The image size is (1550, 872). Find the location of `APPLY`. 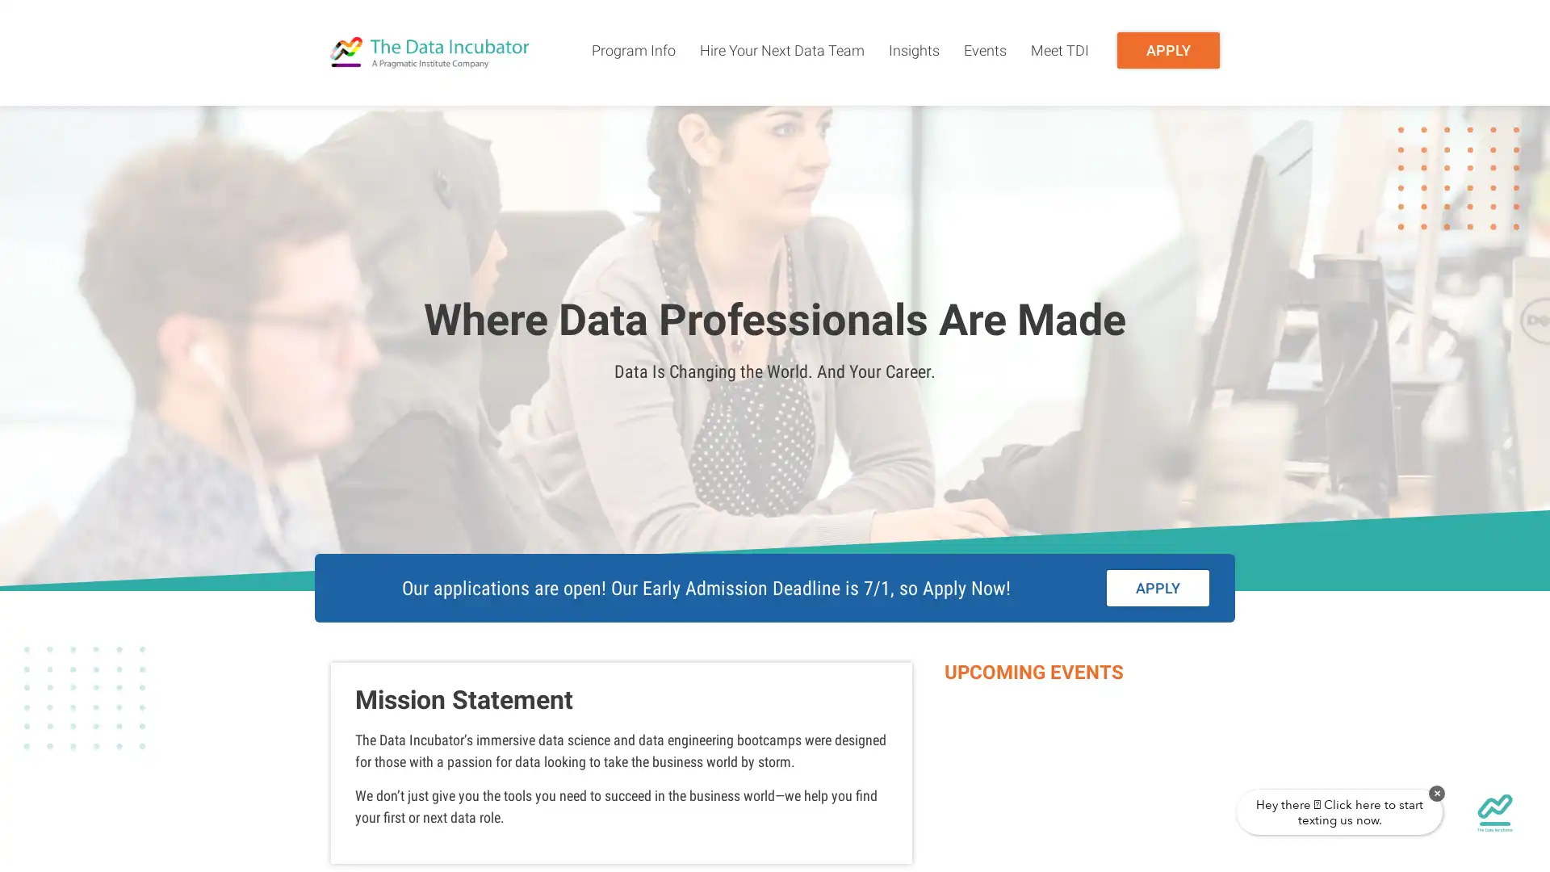

APPLY is located at coordinates (1168, 49).